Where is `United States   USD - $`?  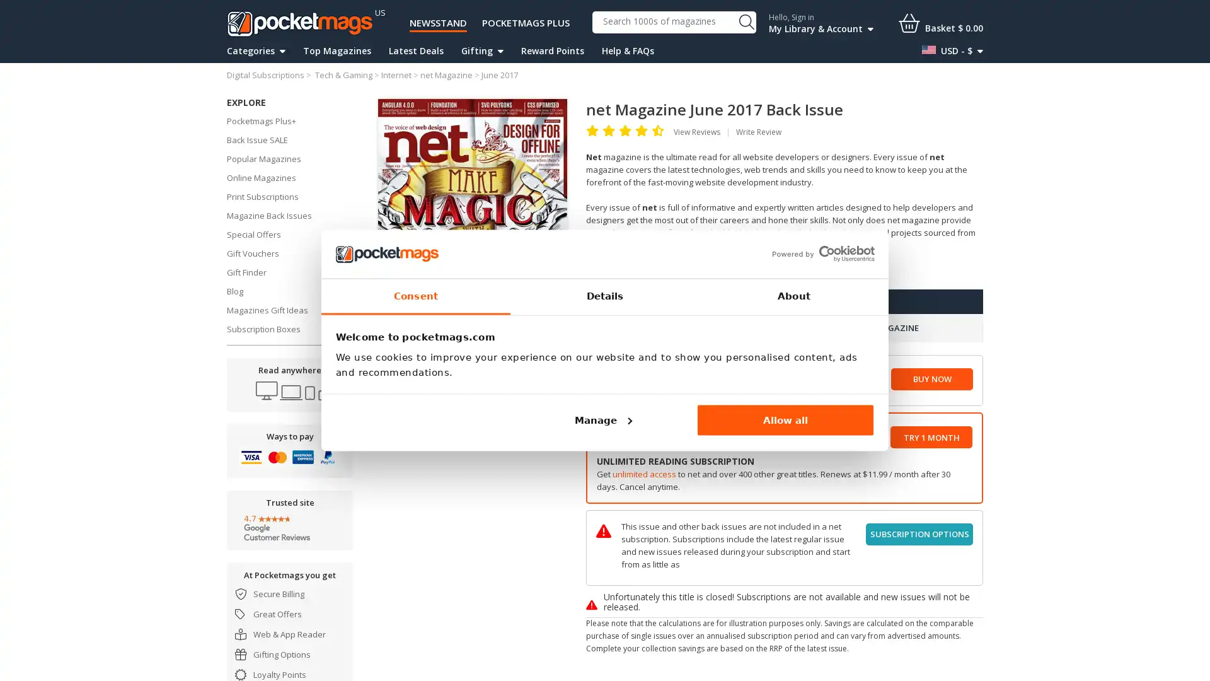
United States   USD - $ is located at coordinates (952, 50).